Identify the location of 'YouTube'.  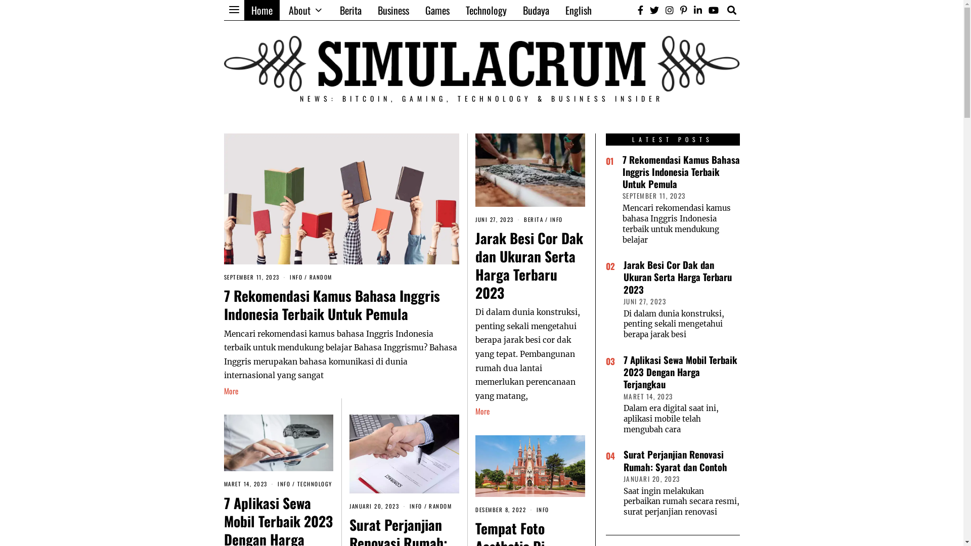
(713, 10).